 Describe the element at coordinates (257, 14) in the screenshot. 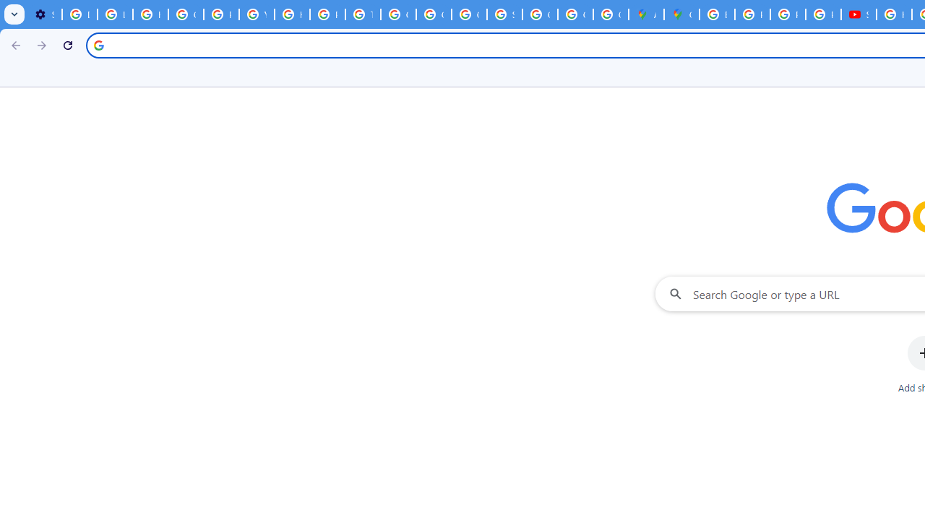

I see `'YouTube'` at that location.